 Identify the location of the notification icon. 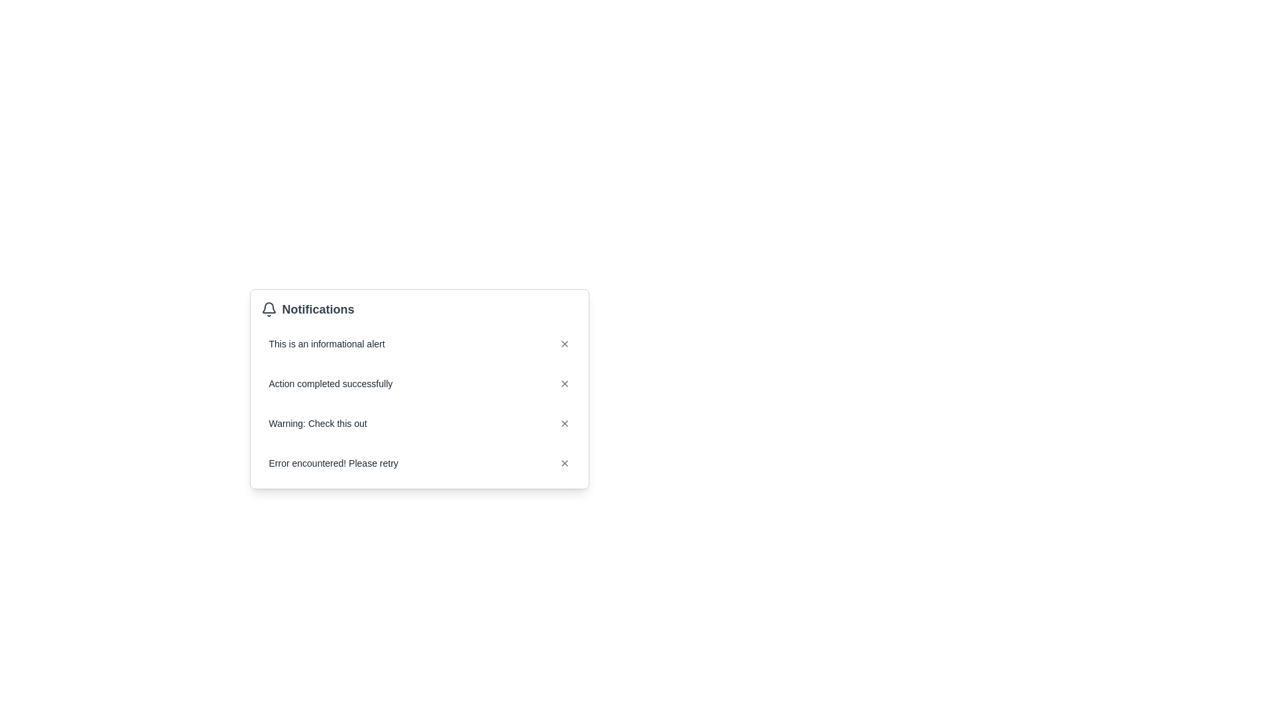
(268, 309).